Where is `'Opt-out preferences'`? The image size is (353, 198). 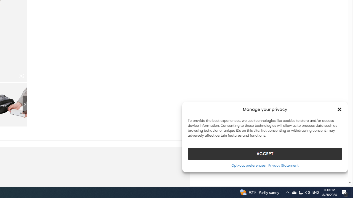
'Opt-out preferences' is located at coordinates (248, 165).